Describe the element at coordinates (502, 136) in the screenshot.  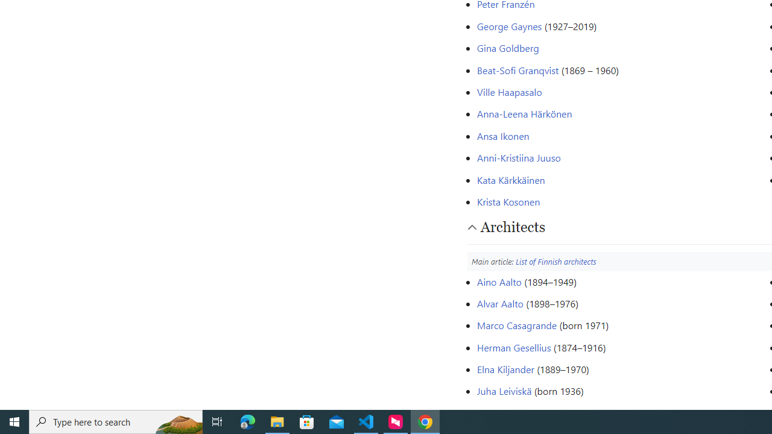
I see `'Ansa Ikonen'` at that location.